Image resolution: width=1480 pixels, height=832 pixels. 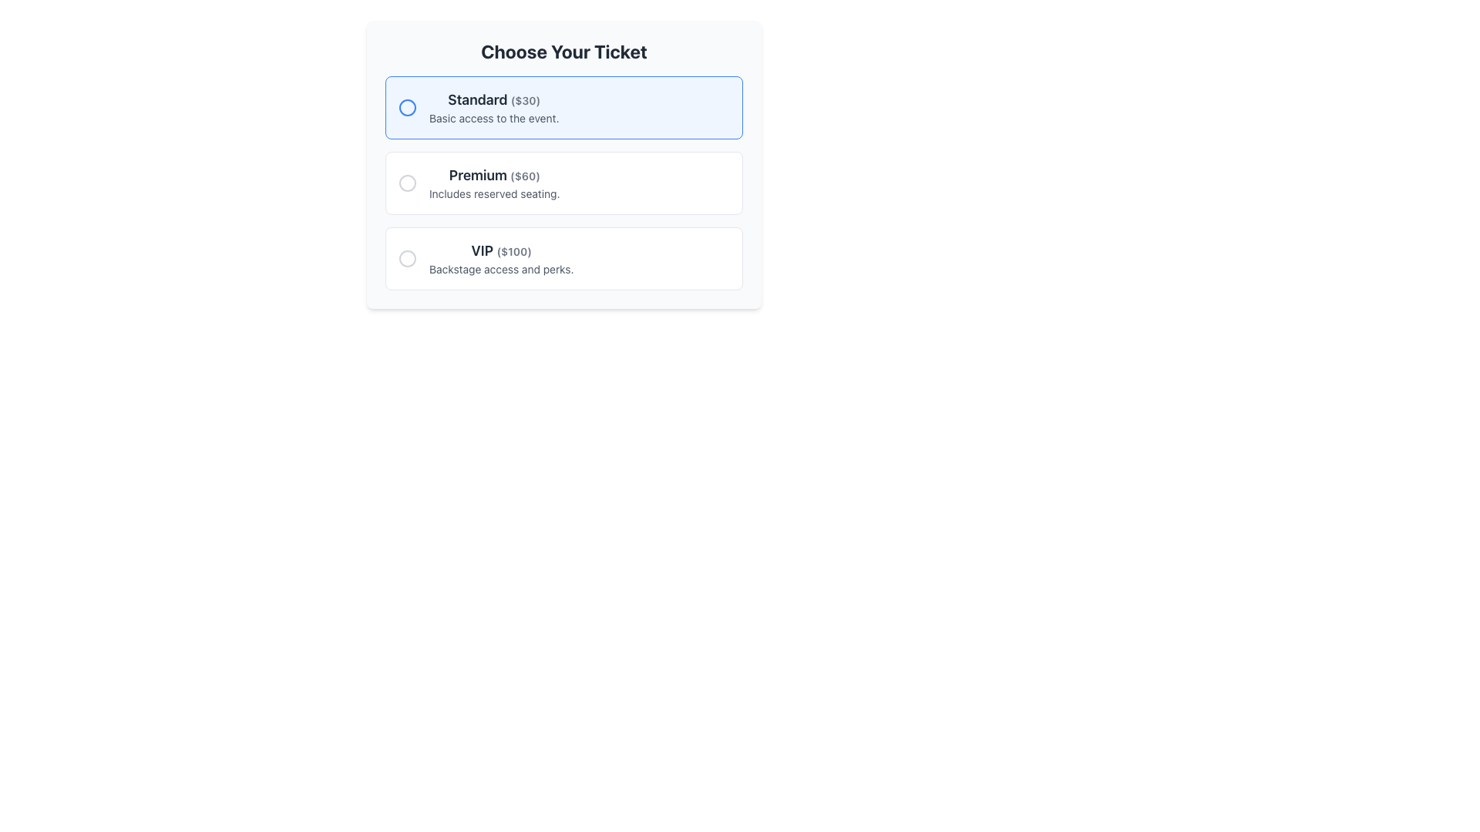 What do you see at coordinates (407, 183) in the screenshot?
I see `the circular radio button for the 'Premium ($60)' ticket option, which is located directly before the text 'Premium ($60)' in the ticket options list` at bounding box center [407, 183].